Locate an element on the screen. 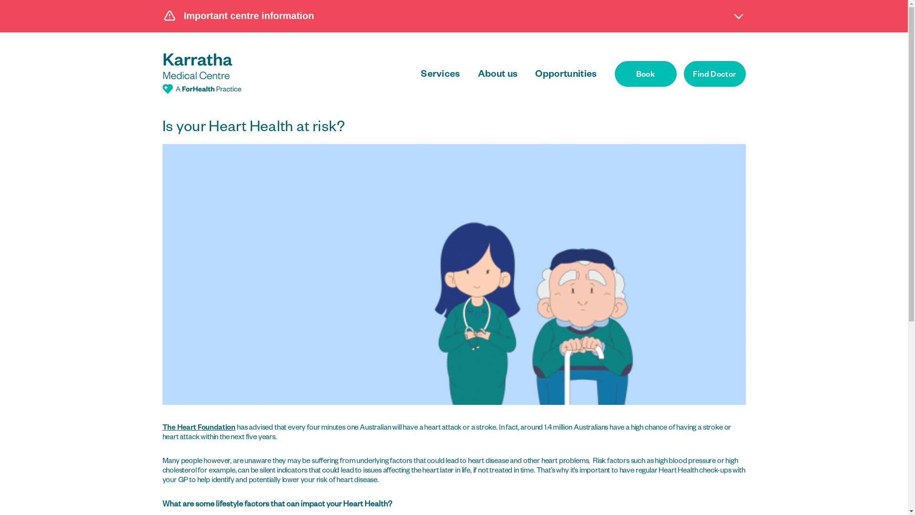  'Services' is located at coordinates (420, 75).